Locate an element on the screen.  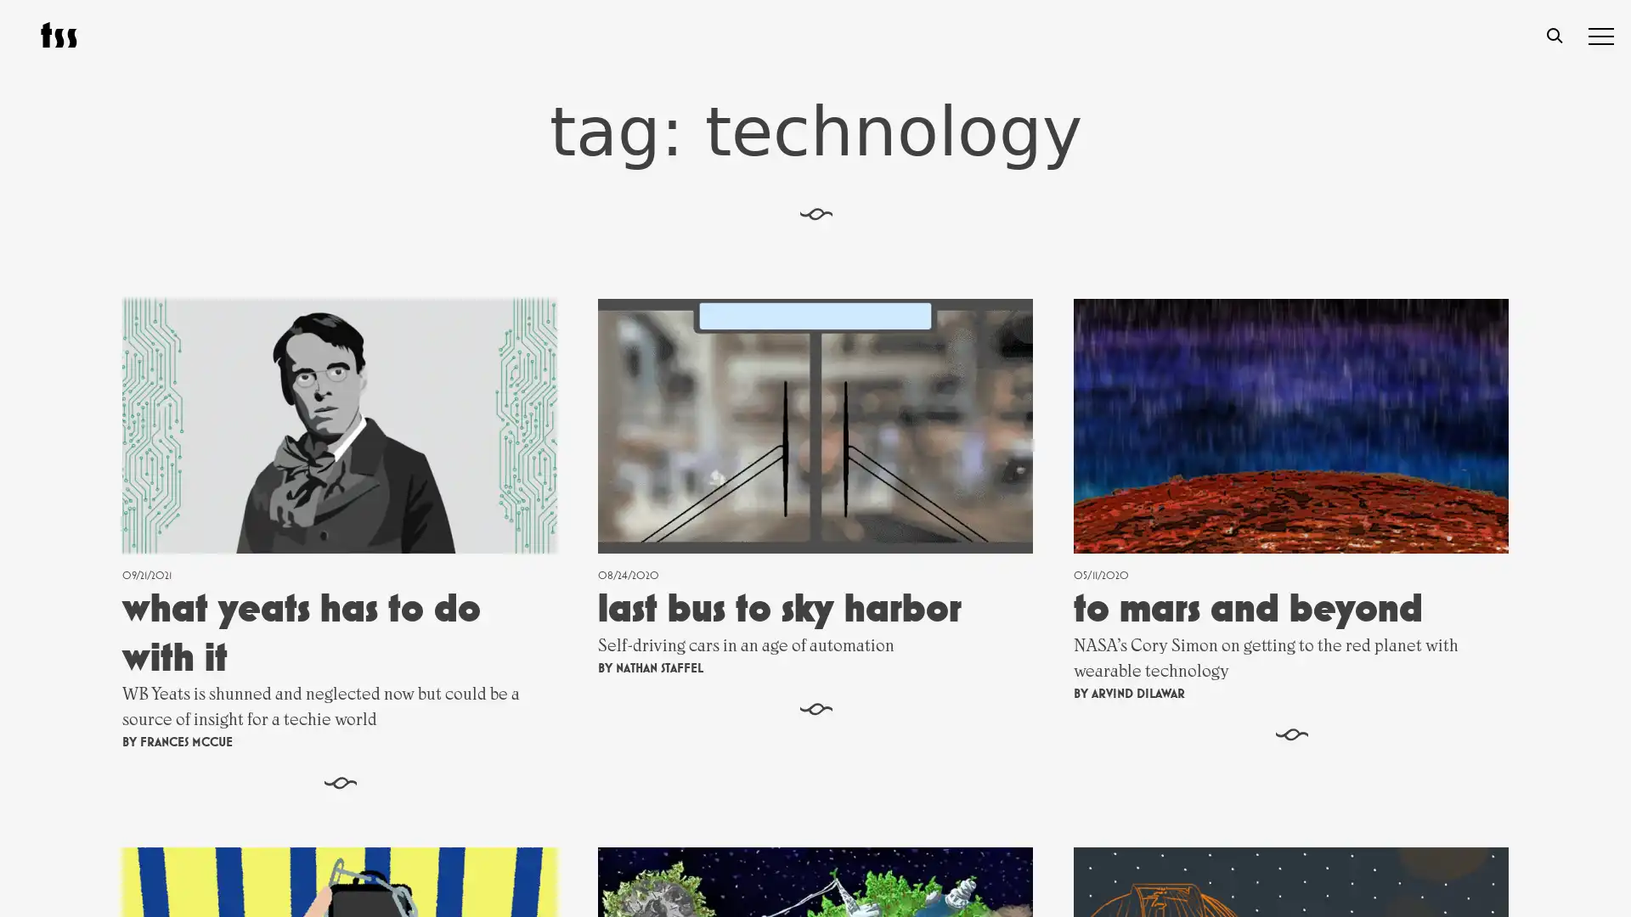
Subscribe is located at coordinates (993, 735).